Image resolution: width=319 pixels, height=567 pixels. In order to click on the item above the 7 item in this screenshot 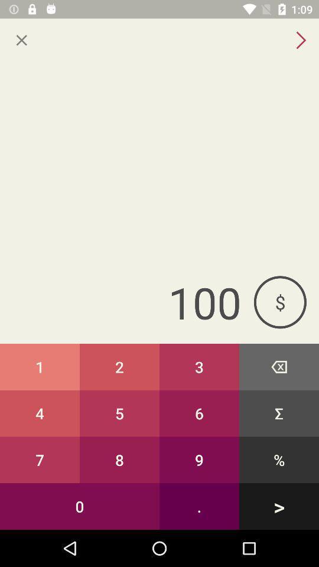, I will do `click(40, 413)`.